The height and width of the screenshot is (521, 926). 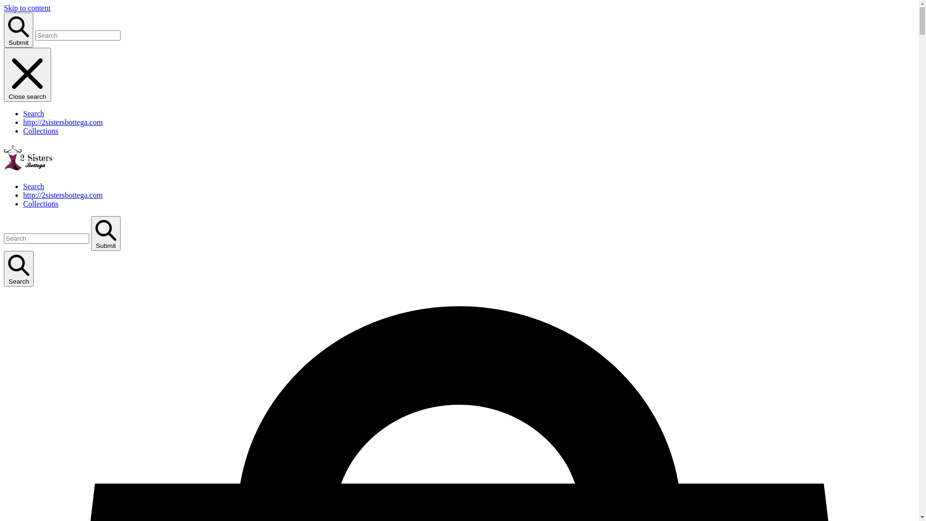 What do you see at coordinates (27, 8) in the screenshot?
I see `'Skip to content'` at bounding box center [27, 8].